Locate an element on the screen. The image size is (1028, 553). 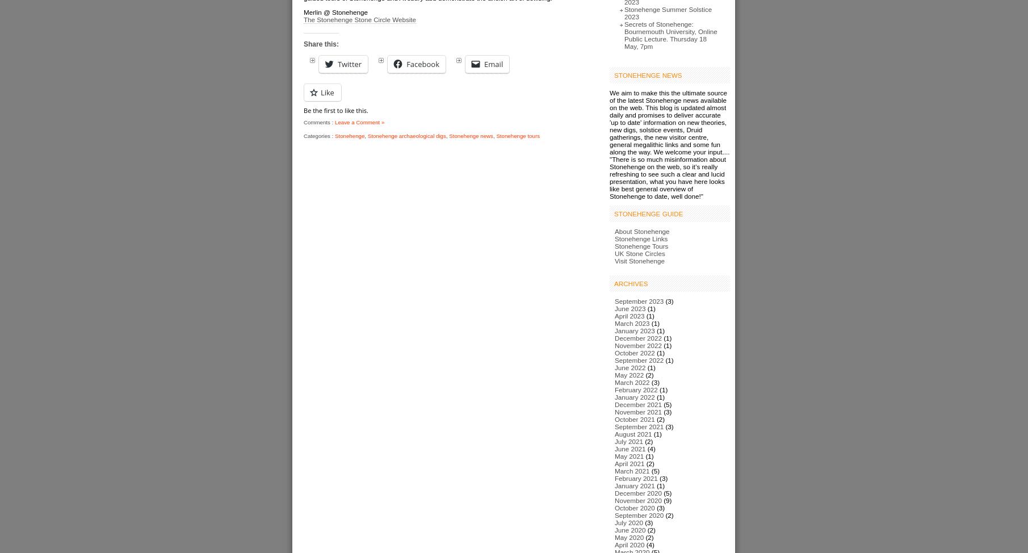
'Comments :' is located at coordinates (318, 122).